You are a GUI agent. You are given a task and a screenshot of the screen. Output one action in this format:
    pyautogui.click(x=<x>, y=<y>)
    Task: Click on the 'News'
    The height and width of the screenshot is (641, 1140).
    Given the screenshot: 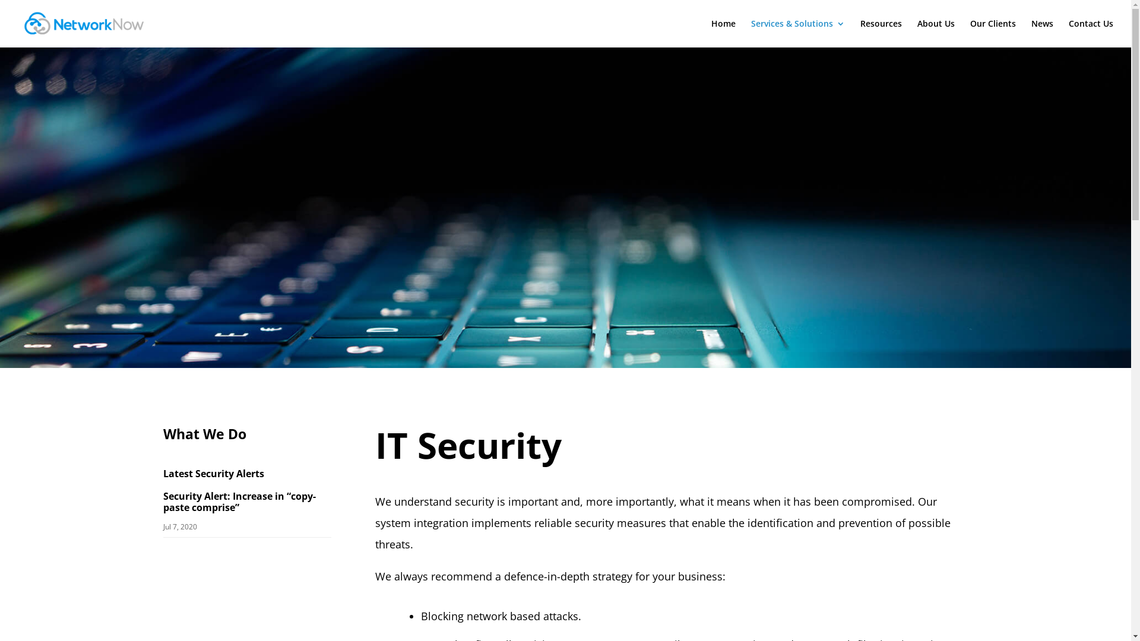 What is the action you would take?
    pyautogui.click(x=1041, y=33)
    